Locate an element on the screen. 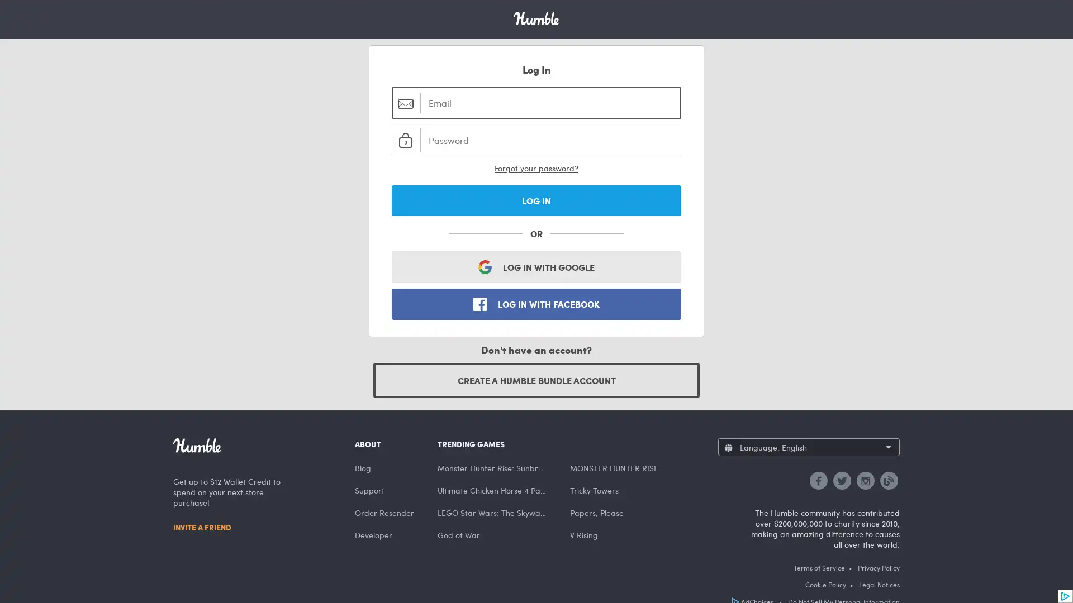 The width and height of the screenshot is (1073, 603). Forgot your password? is located at coordinates (536, 167).